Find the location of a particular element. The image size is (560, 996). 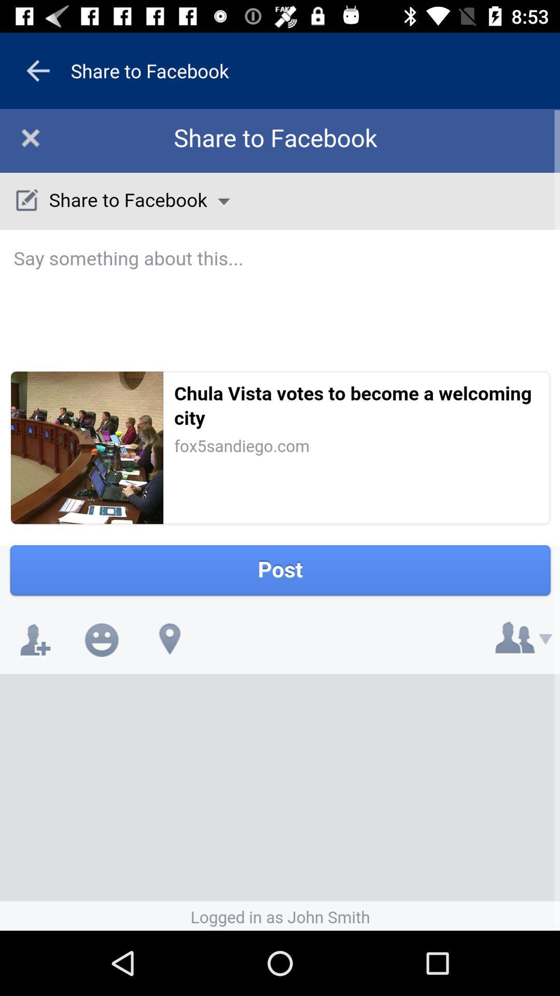

go back is located at coordinates (37, 70).